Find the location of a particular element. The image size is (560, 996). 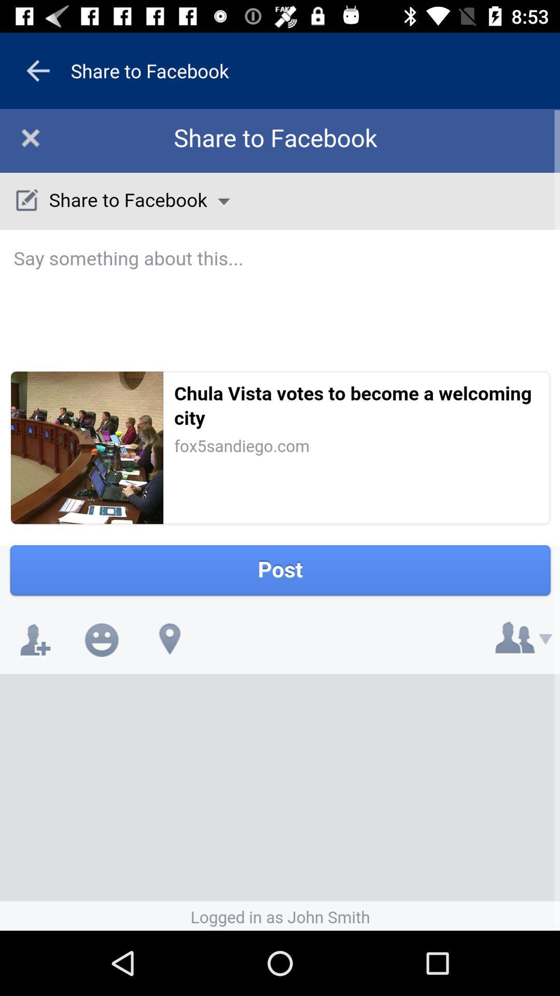

go back is located at coordinates (37, 70).